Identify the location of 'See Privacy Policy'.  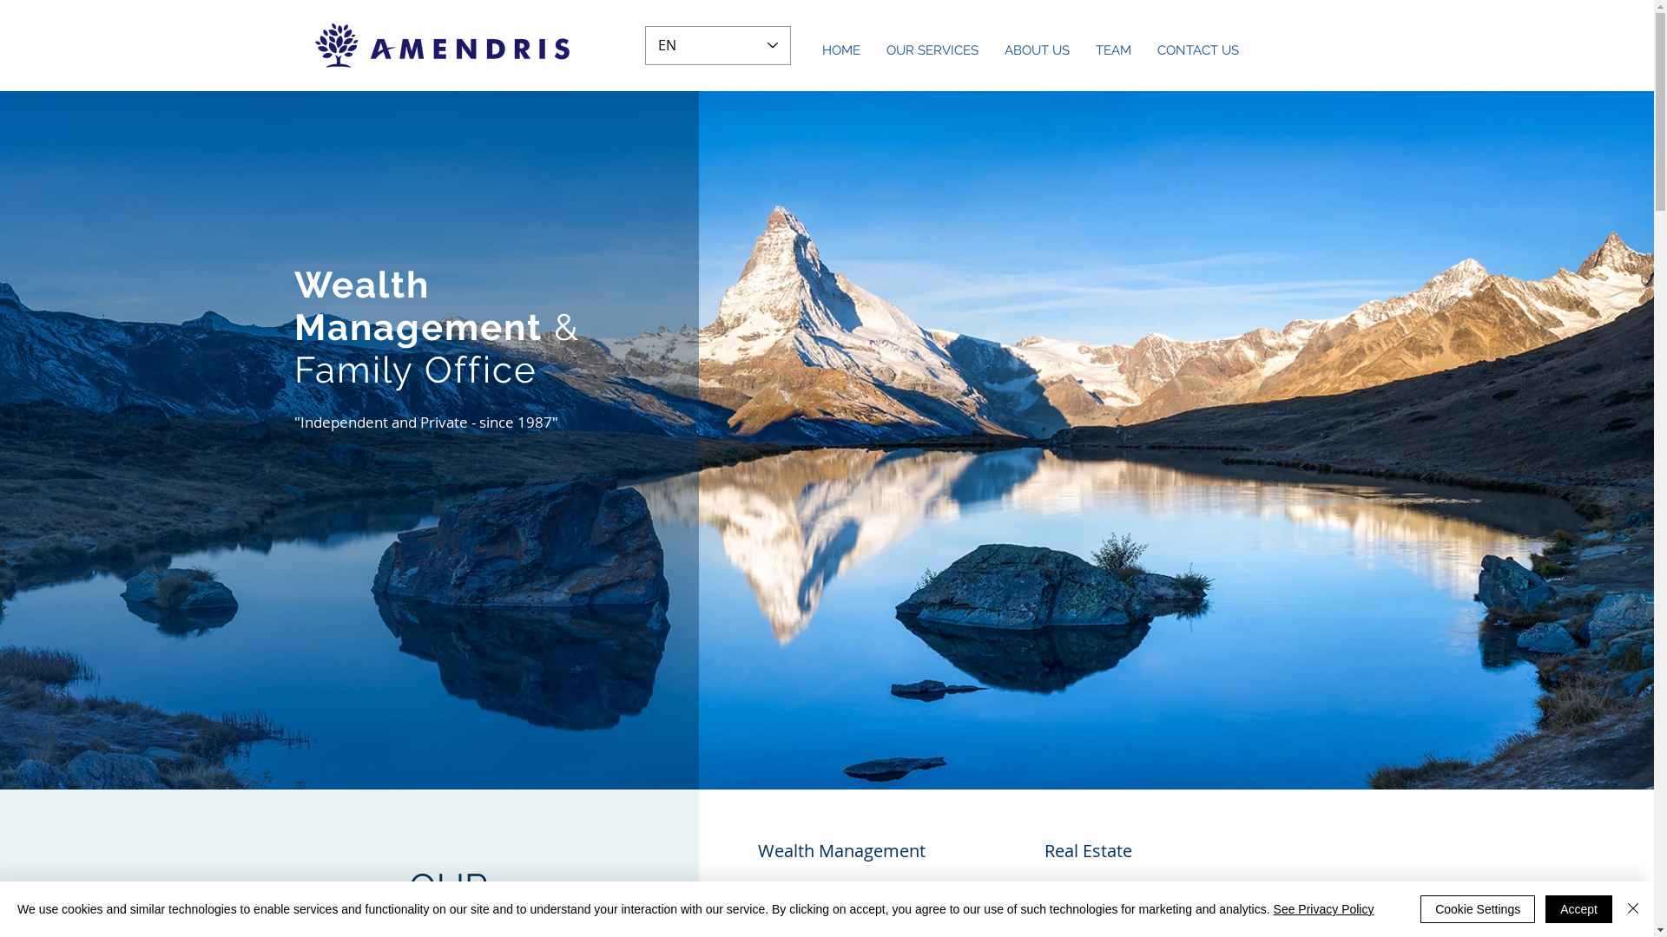
(1274, 908).